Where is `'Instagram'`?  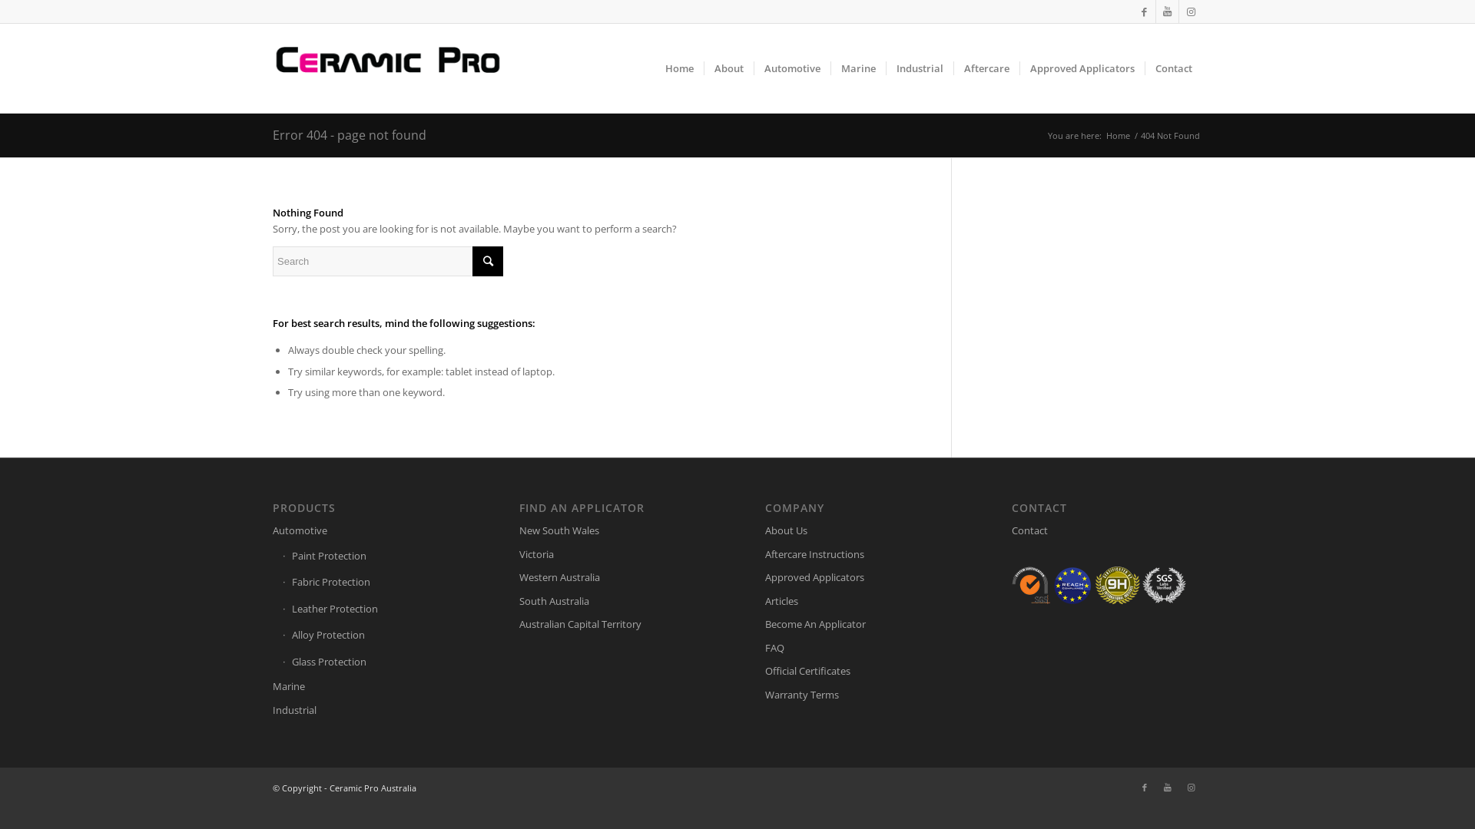
'Instagram' is located at coordinates (1190, 12).